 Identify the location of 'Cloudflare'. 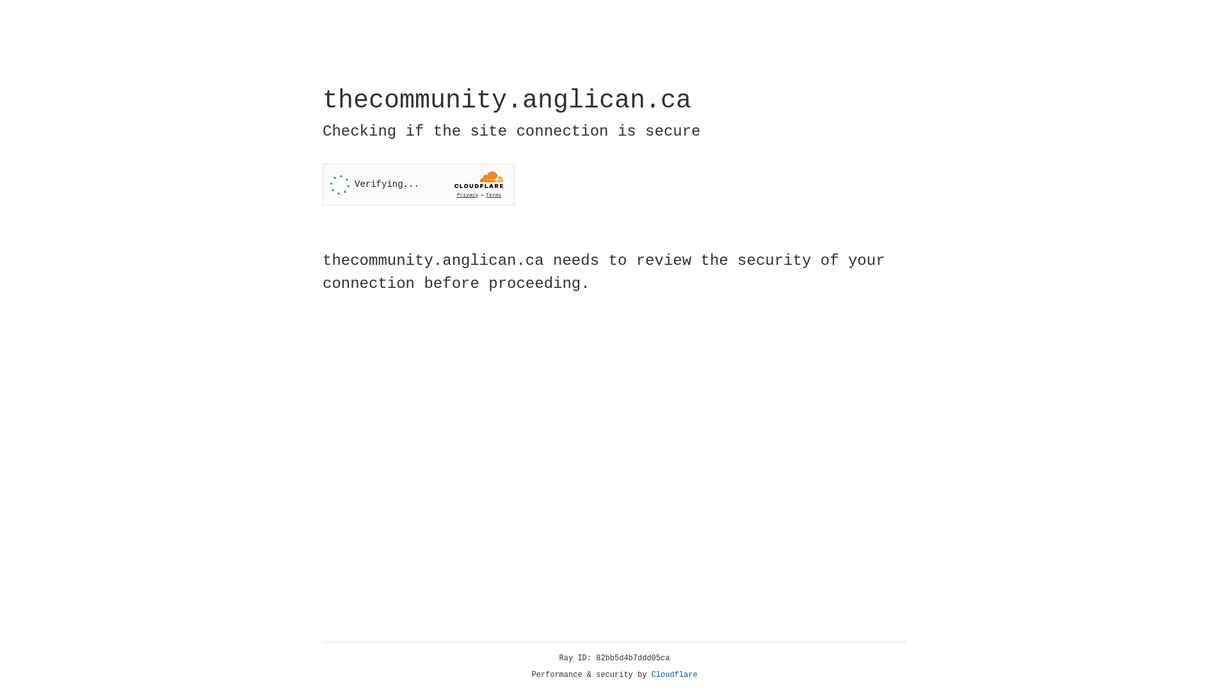
(651, 674).